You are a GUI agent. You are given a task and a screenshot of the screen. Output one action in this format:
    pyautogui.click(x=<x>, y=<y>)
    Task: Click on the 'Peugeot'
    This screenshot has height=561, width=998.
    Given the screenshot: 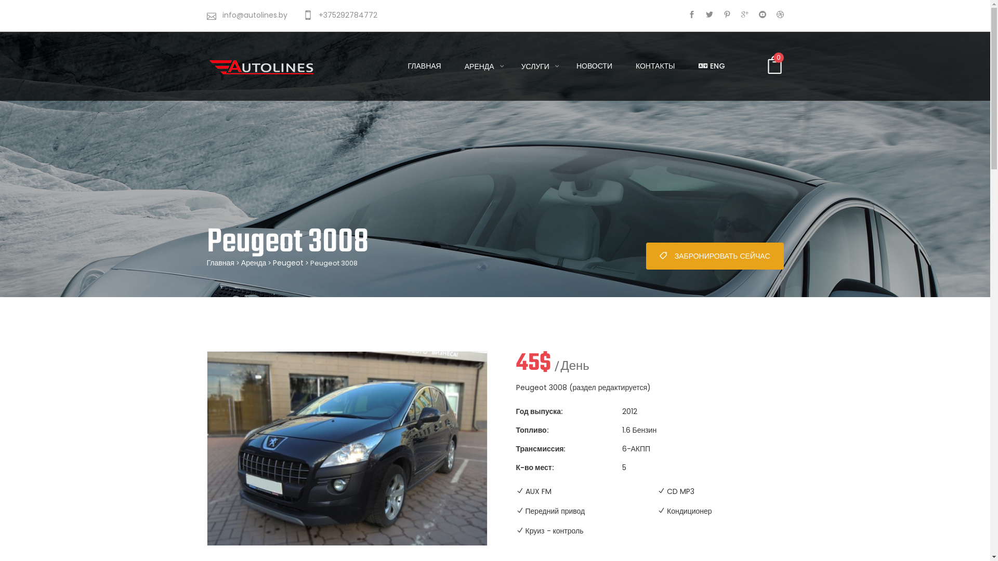 What is the action you would take?
    pyautogui.click(x=288, y=262)
    